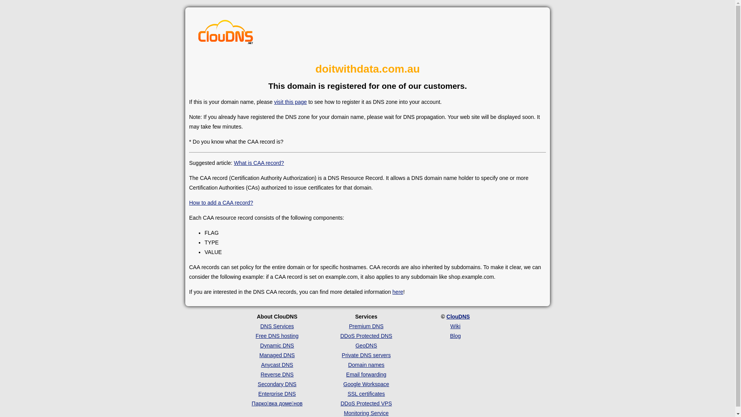  What do you see at coordinates (277, 393) in the screenshot?
I see `'Enterprise DNS'` at bounding box center [277, 393].